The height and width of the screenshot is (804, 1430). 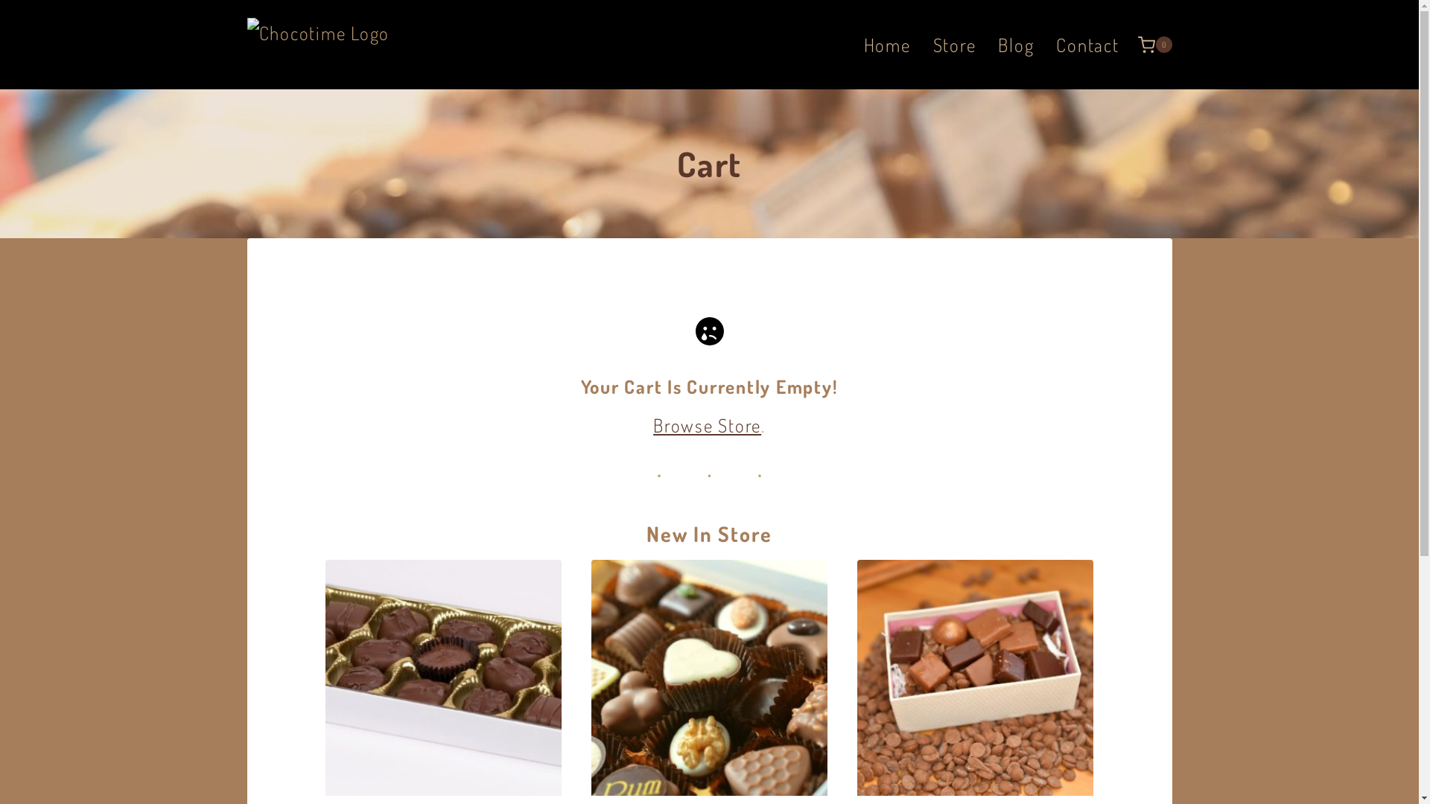 What do you see at coordinates (1014, 43) in the screenshot?
I see `'Blog'` at bounding box center [1014, 43].